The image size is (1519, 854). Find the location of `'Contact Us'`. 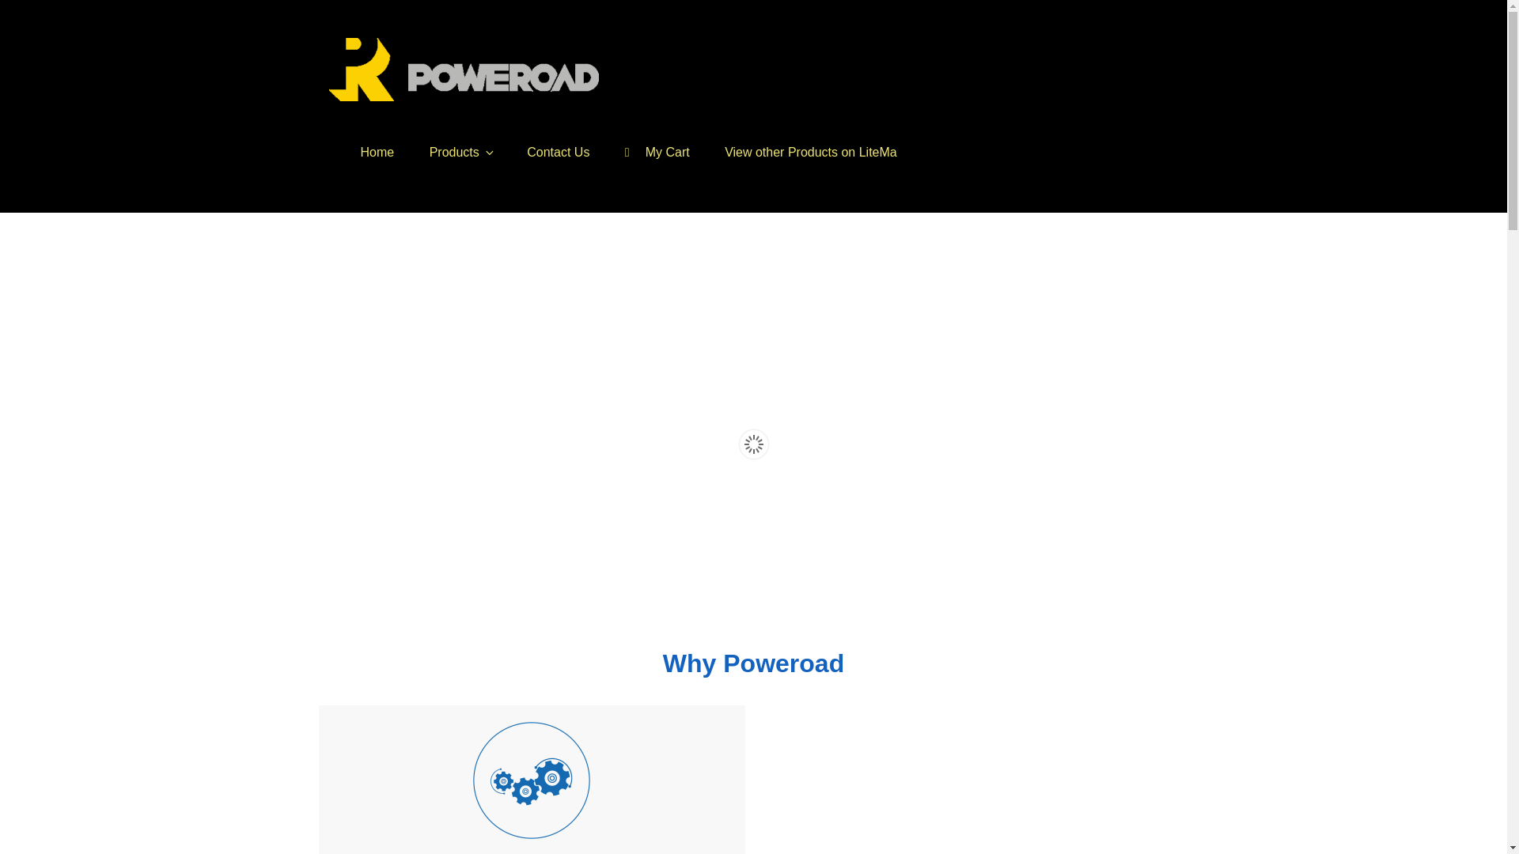

'Contact Us' is located at coordinates (558, 152).